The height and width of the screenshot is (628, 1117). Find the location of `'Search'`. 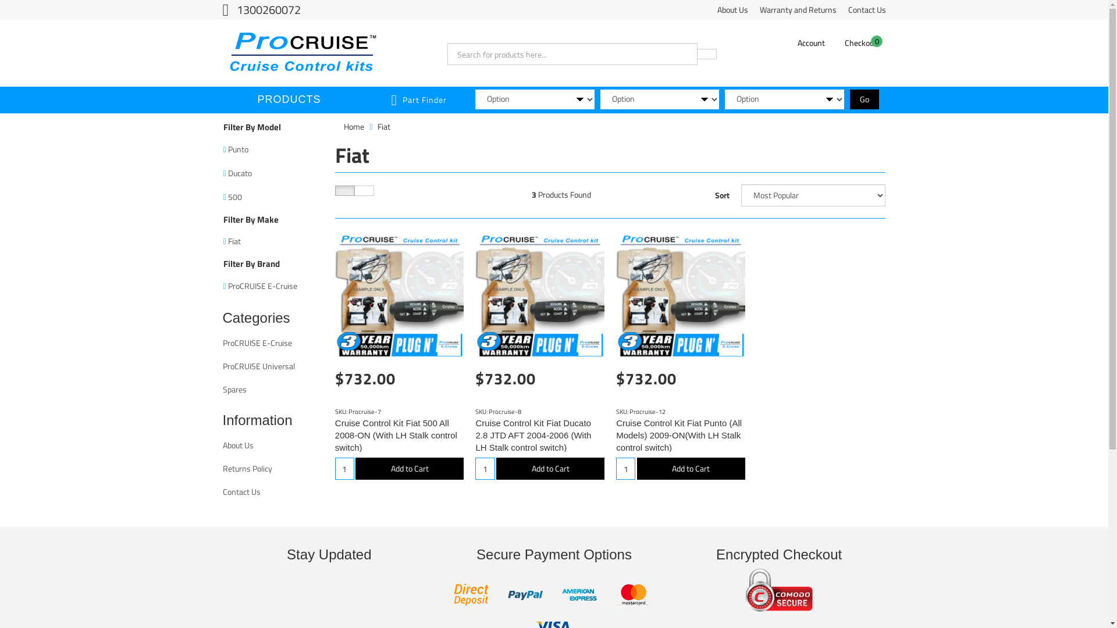

'Search' is located at coordinates (706, 53).